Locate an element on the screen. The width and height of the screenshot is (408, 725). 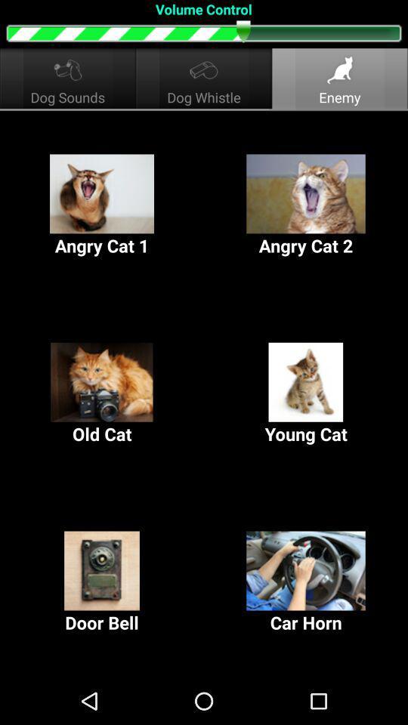
the item below angry cat 1 button is located at coordinates (306, 393).